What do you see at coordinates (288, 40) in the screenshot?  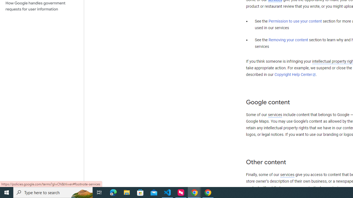 I see `'Removing your content'` at bounding box center [288, 40].